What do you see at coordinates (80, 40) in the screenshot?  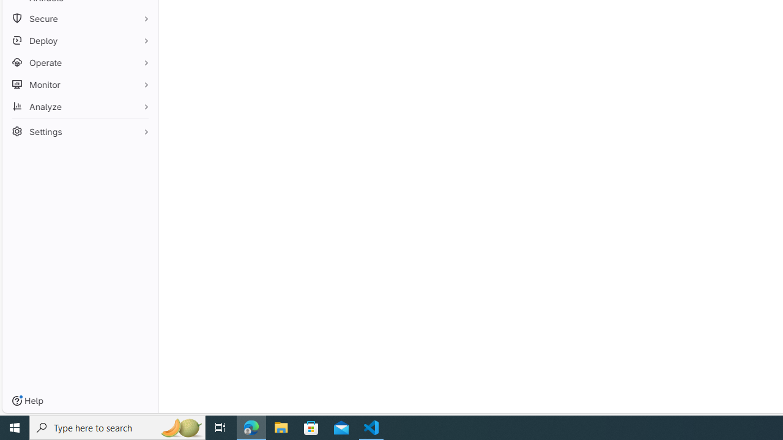 I see `'Deploy'` at bounding box center [80, 40].